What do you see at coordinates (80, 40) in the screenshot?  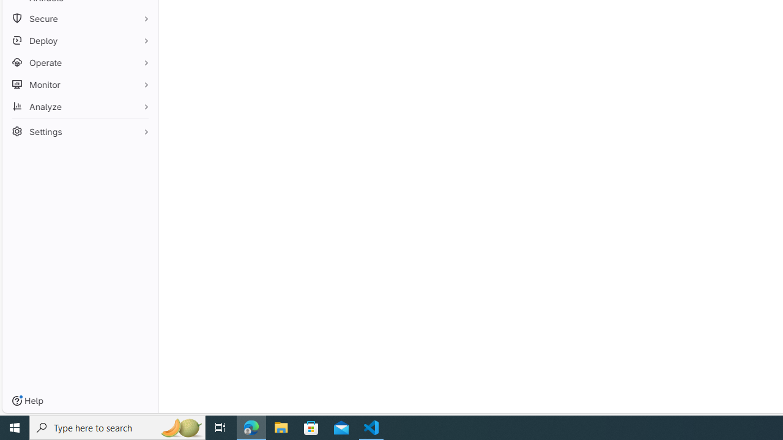 I see `'Deploy'` at bounding box center [80, 40].